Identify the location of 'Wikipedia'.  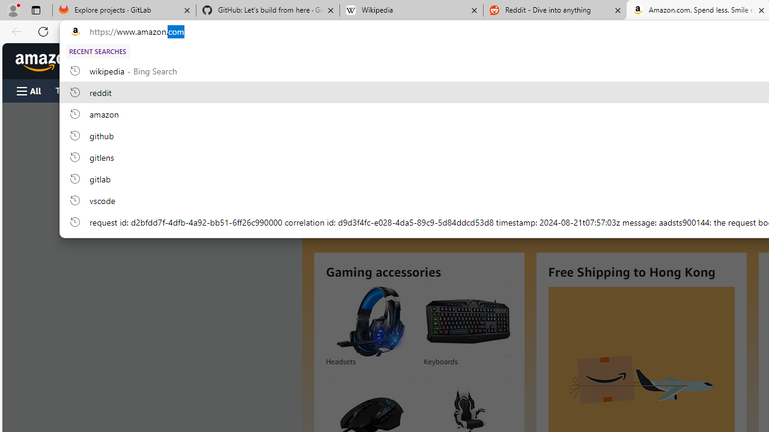
(411, 10).